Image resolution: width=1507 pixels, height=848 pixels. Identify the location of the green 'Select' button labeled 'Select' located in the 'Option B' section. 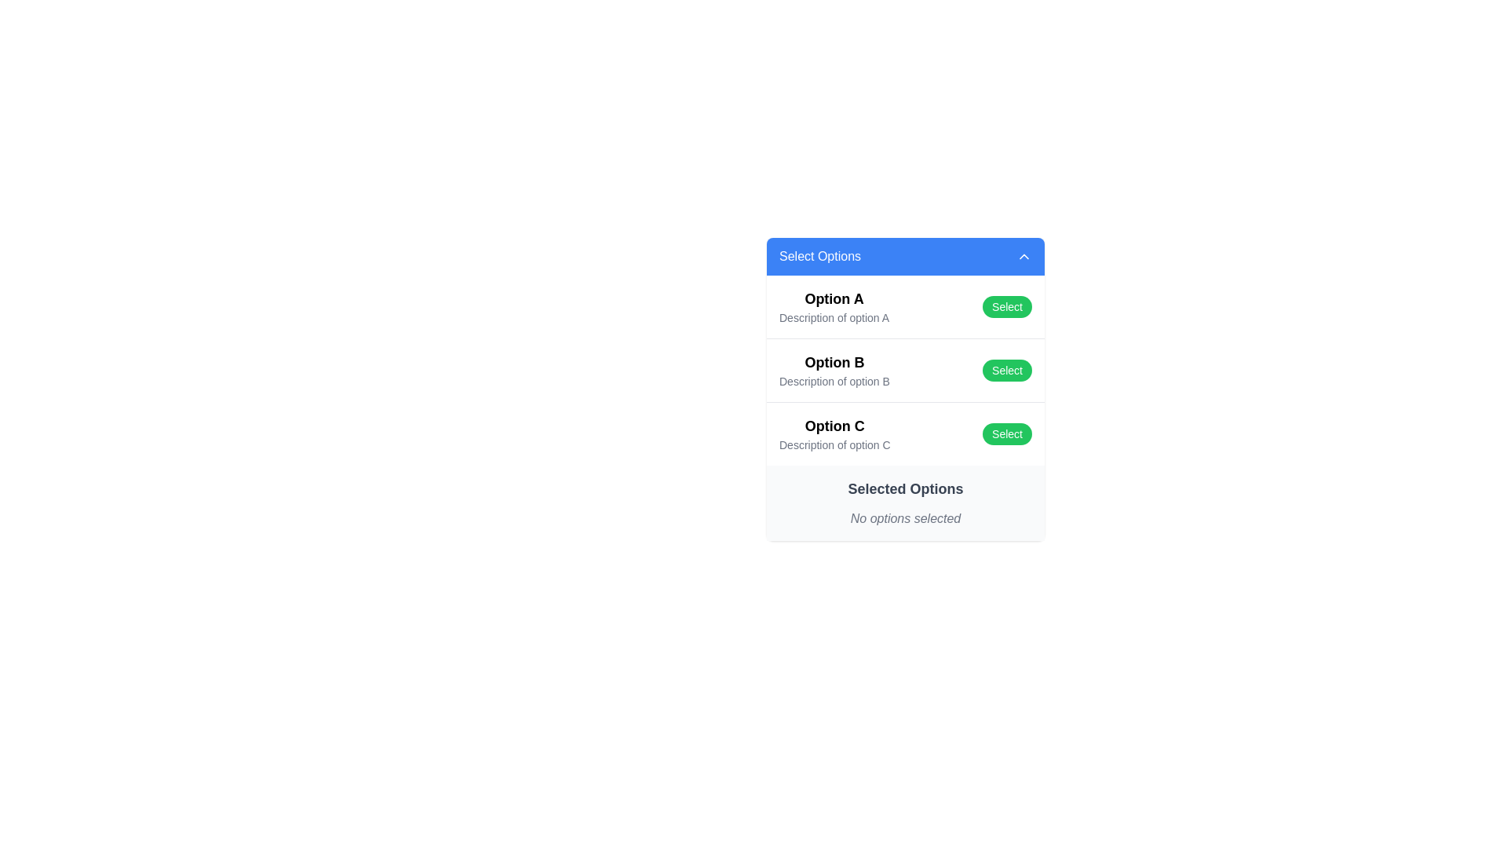
(1007, 370).